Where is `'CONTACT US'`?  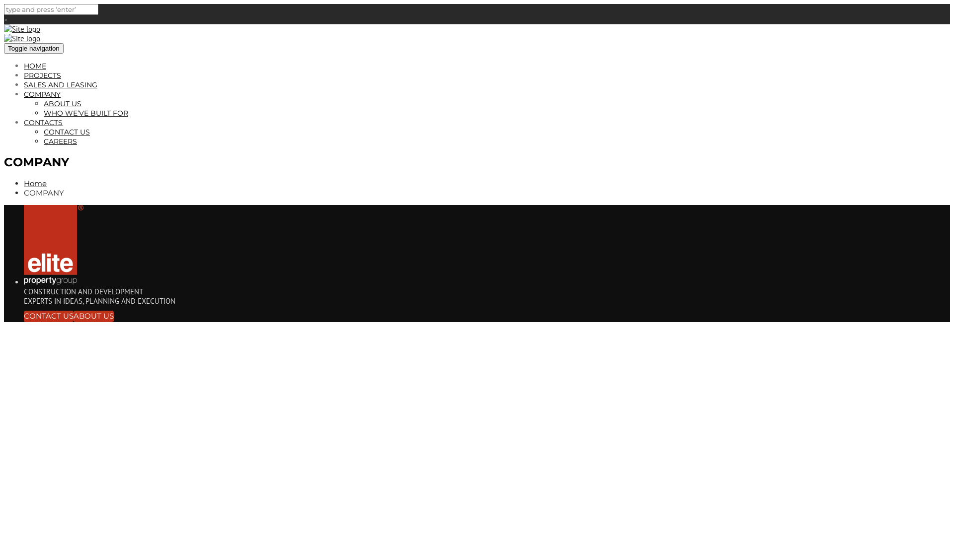
'CONTACT US' is located at coordinates (24, 316).